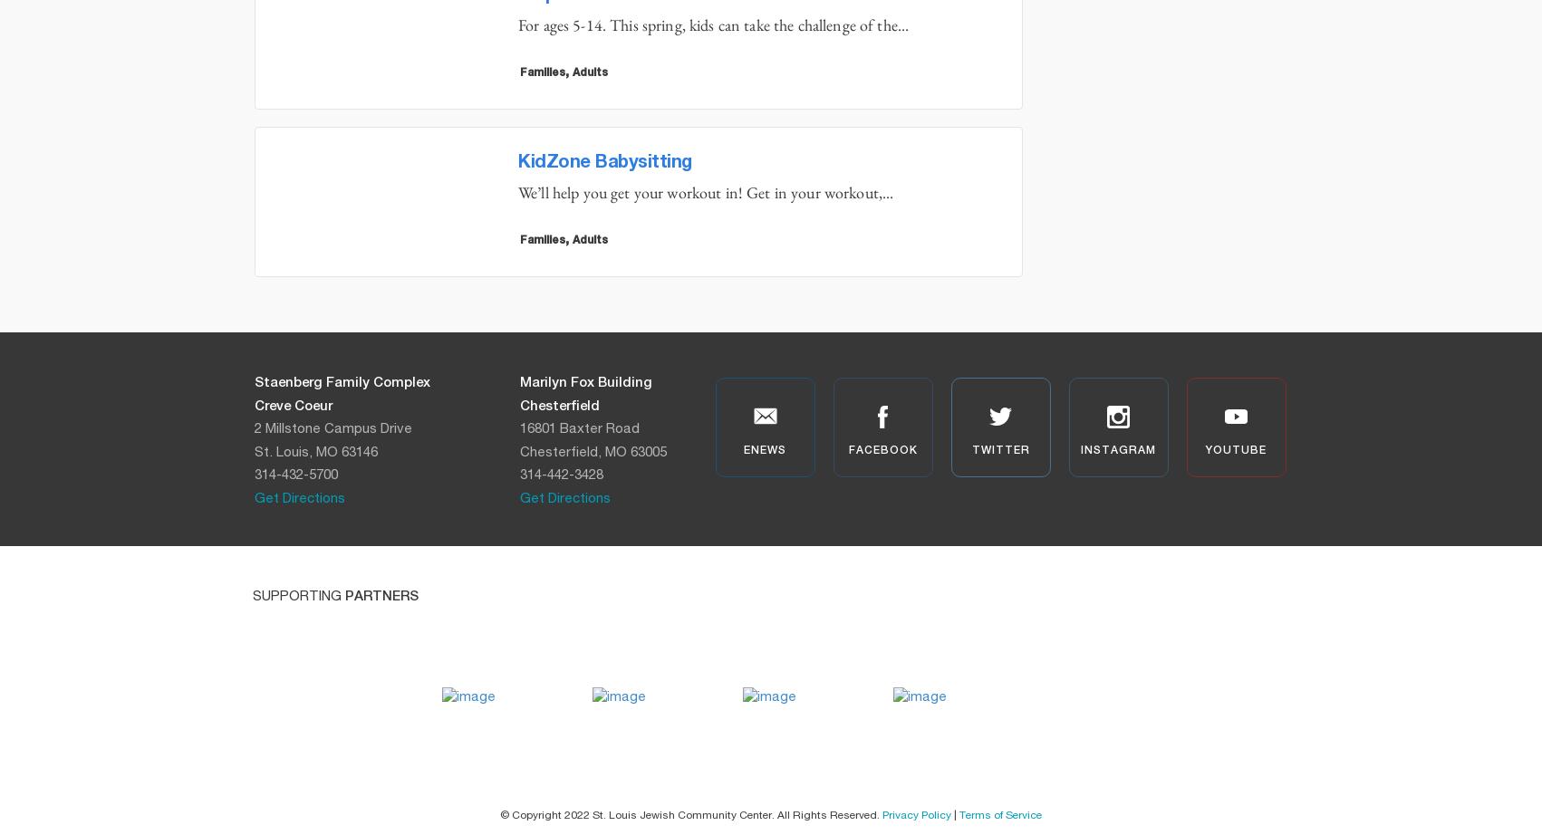 This screenshot has height=835, width=1542. Describe the element at coordinates (295, 475) in the screenshot. I see `'314-432-5700'` at that location.